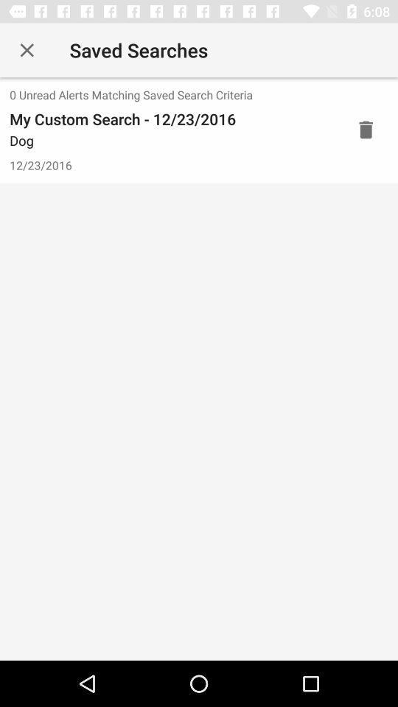  Describe the element at coordinates (365, 129) in the screenshot. I see `icon at the top right corner` at that location.